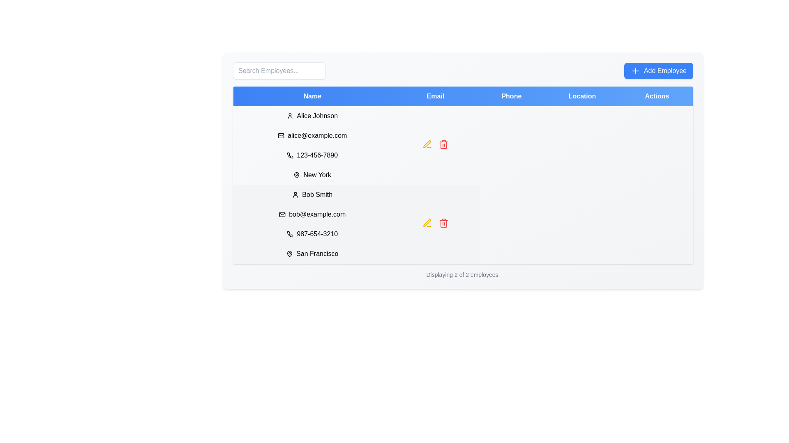 The width and height of the screenshot is (789, 443). I want to click on the center of the text input field used for searching employees, located in the 'Add Employee' section, so click(279, 71).